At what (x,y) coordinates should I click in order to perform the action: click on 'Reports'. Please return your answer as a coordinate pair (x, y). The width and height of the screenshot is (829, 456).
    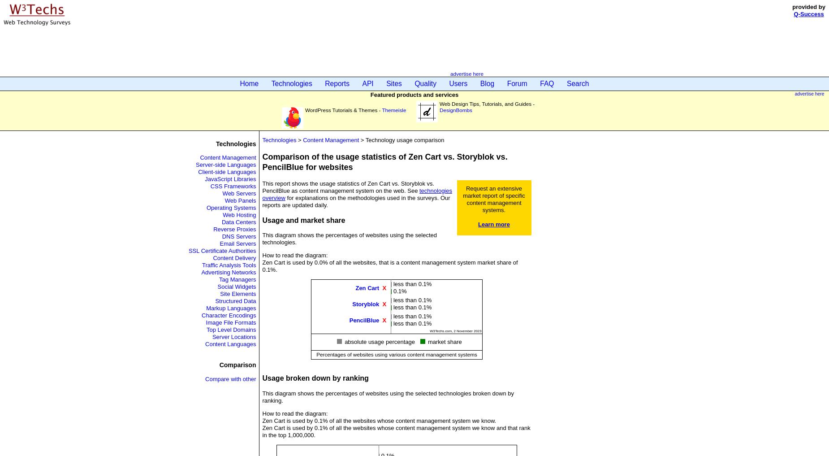
    Looking at the image, I should click on (337, 83).